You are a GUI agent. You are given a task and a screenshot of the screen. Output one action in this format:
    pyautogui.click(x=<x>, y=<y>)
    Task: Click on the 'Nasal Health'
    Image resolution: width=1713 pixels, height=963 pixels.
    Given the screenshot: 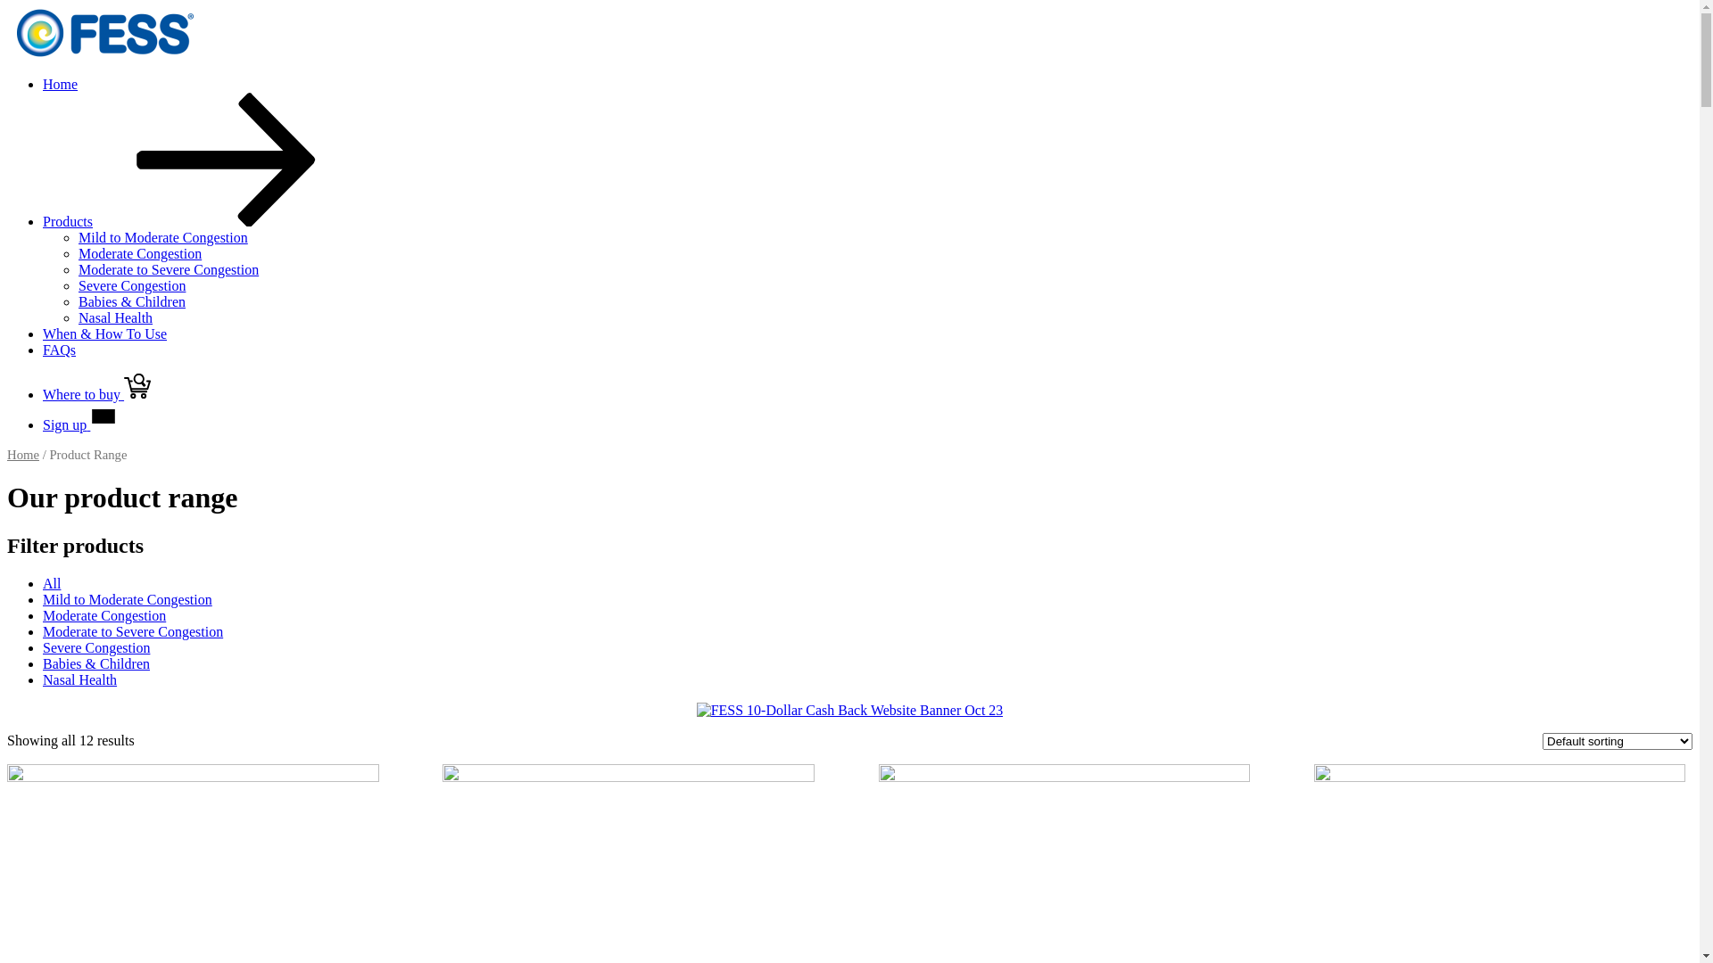 What is the action you would take?
    pyautogui.click(x=79, y=679)
    